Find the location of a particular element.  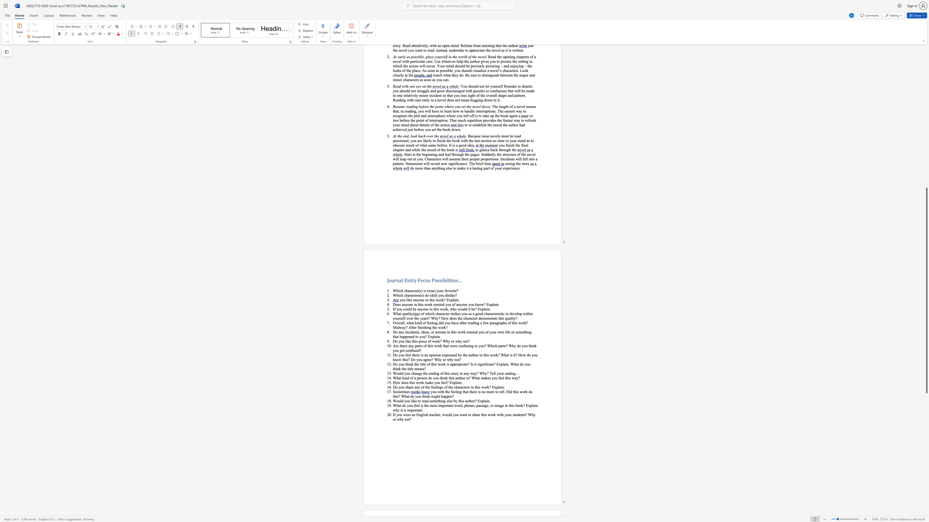

the 2th character "y" in the text is located at coordinates (417, 299).